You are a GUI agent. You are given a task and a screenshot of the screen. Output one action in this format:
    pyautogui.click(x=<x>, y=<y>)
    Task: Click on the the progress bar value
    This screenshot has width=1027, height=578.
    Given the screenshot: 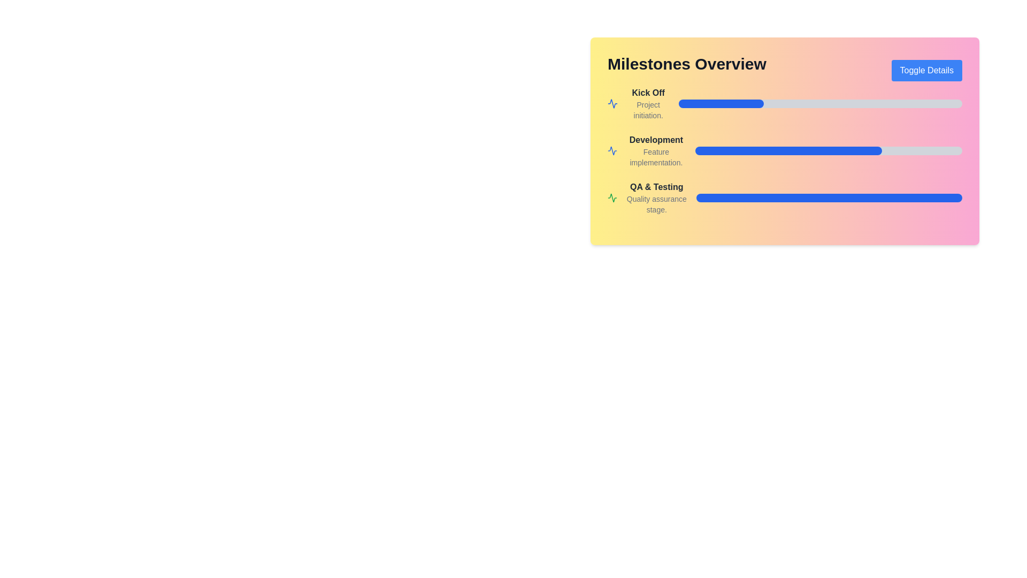 What is the action you would take?
    pyautogui.click(x=842, y=198)
    